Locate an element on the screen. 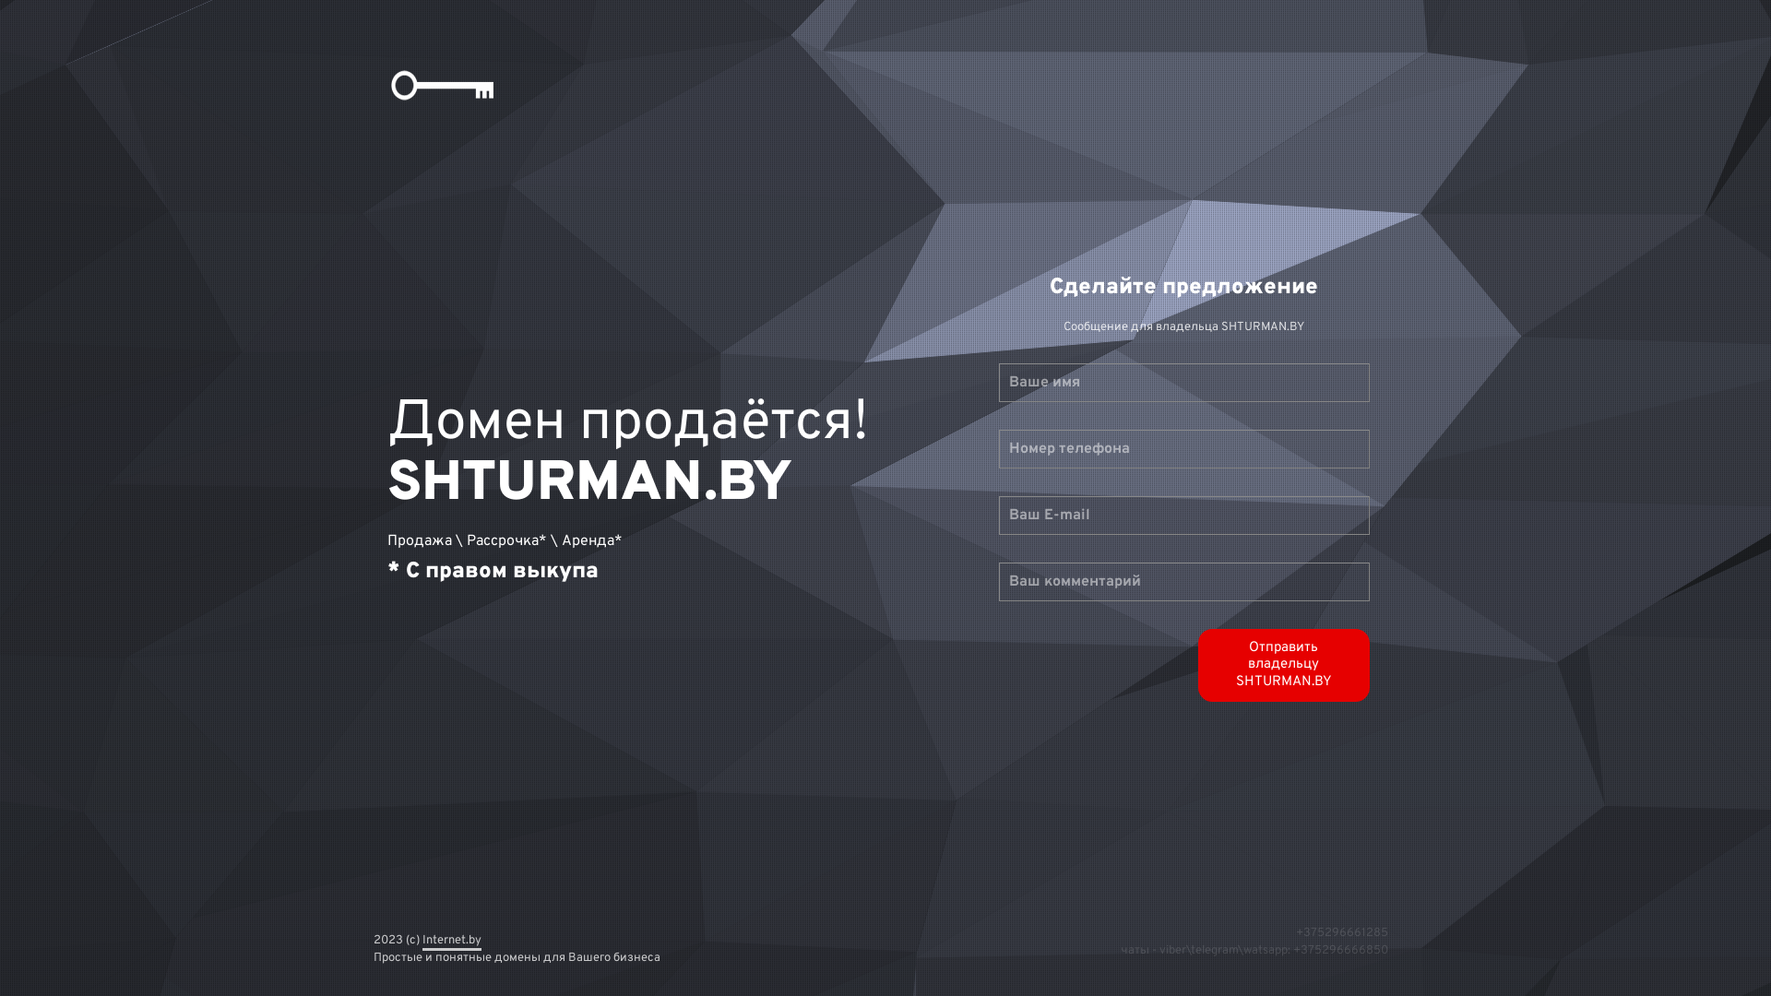 This screenshot has height=996, width=1771. '+375296661285' is located at coordinates (1341, 931).